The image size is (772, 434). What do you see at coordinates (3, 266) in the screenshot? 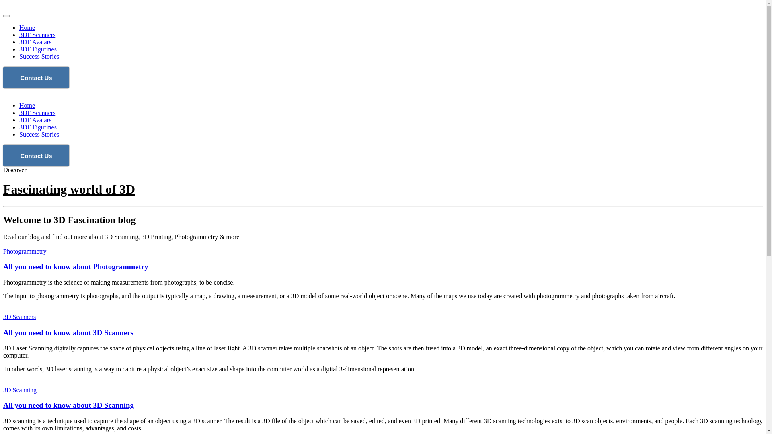
I see `'All you need to know about Photogrammetry'` at bounding box center [3, 266].